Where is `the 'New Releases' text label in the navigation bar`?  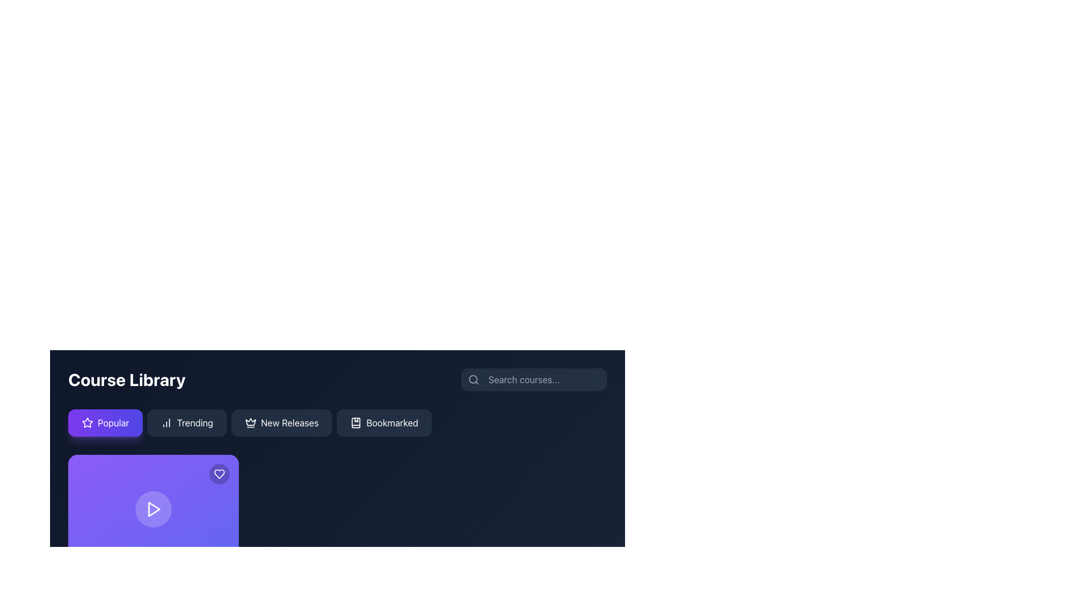 the 'New Releases' text label in the navigation bar is located at coordinates (289, 423).